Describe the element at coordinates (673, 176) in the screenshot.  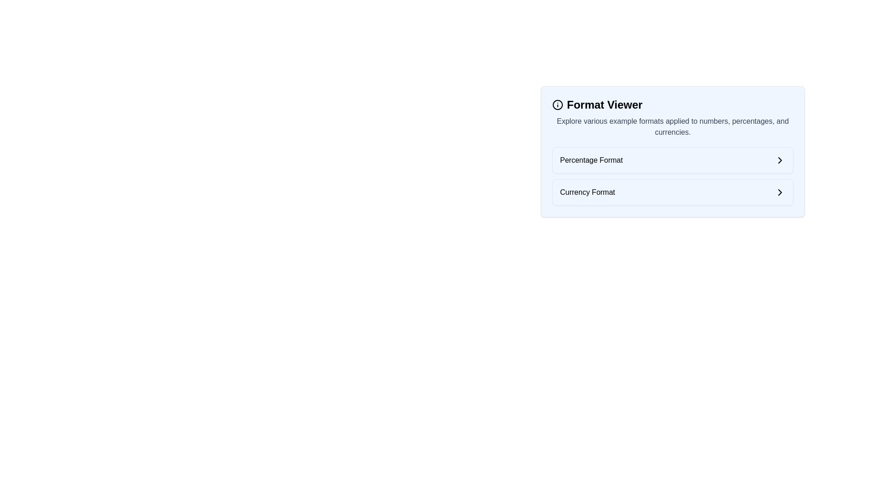
I see `the 'Format Viewer' menu item list` at that location.